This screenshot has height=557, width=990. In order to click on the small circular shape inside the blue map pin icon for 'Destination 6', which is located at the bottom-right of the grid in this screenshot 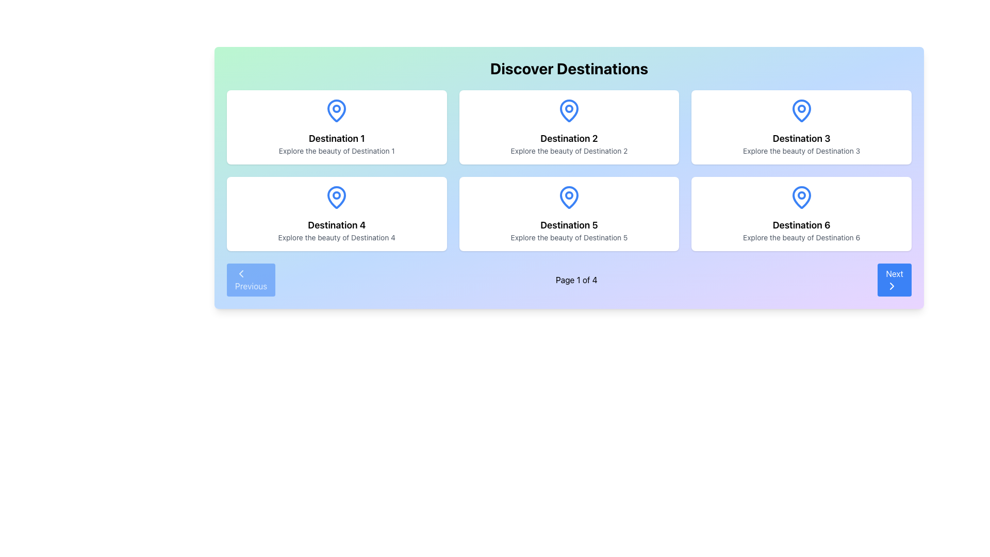, I will do `click(801, 195)`.